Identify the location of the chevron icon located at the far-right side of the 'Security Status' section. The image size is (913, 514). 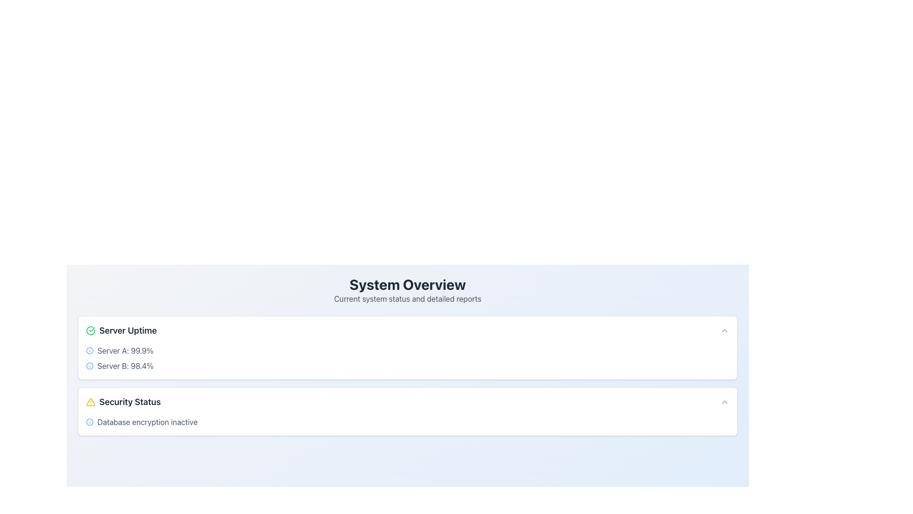
(724, 402).